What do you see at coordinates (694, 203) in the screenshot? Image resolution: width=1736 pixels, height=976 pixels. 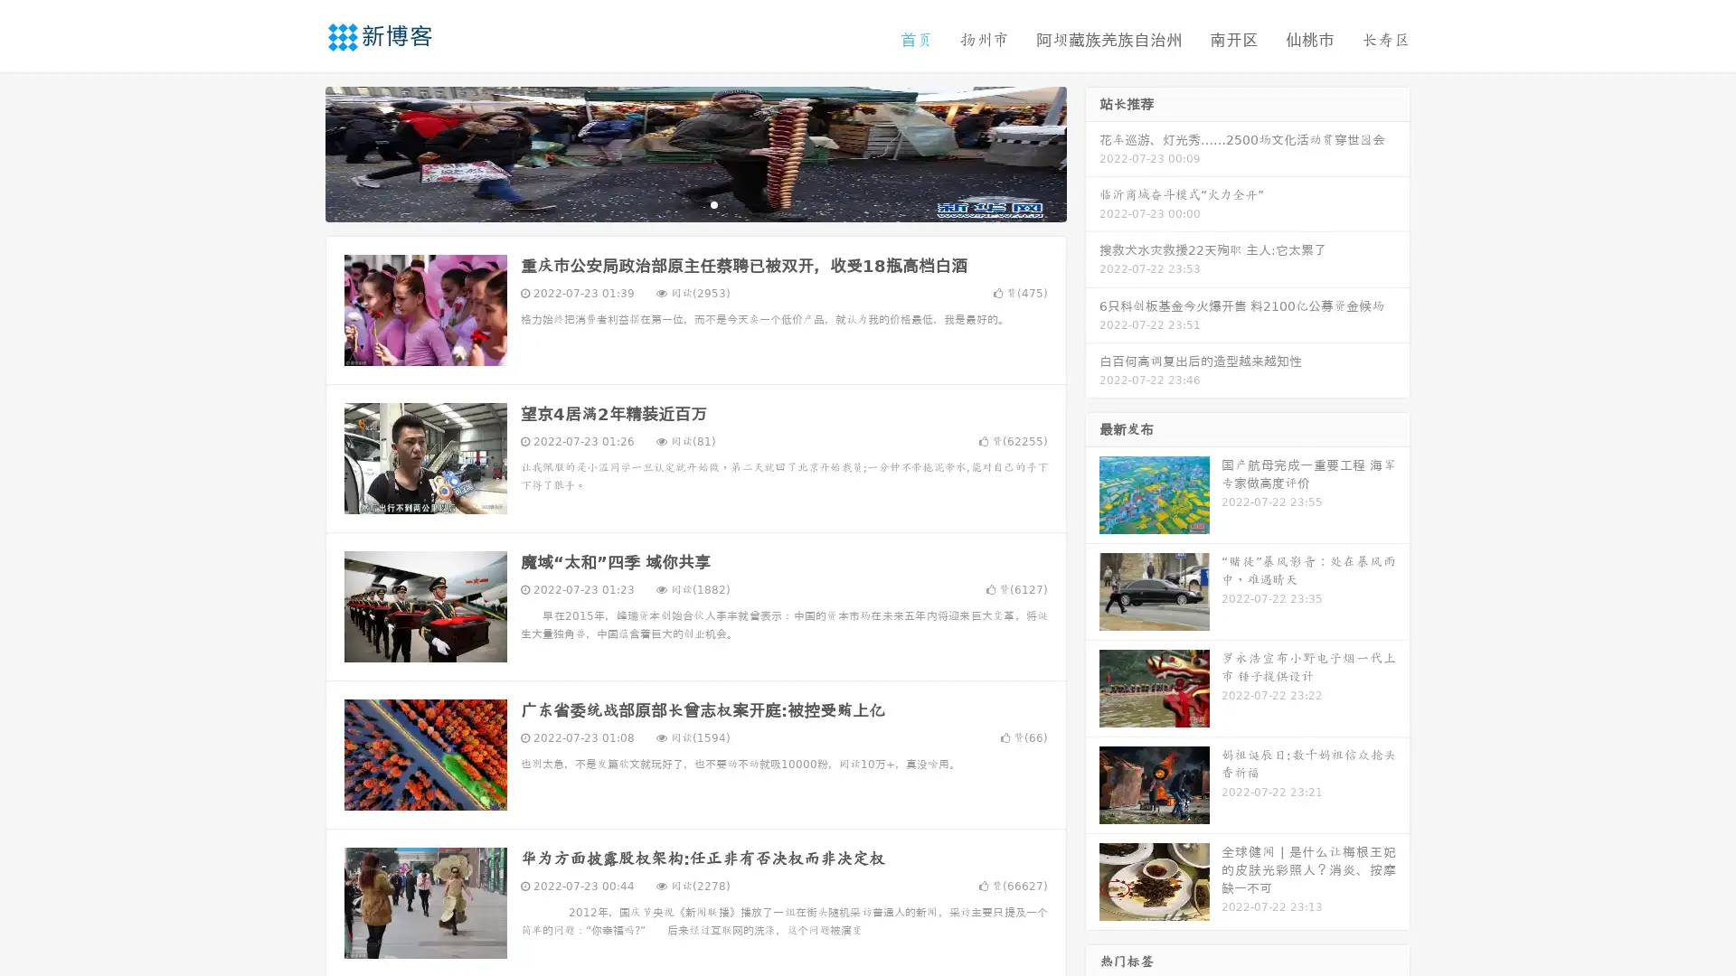 I see `Go to slide 2` at bounding box center [694, 203].